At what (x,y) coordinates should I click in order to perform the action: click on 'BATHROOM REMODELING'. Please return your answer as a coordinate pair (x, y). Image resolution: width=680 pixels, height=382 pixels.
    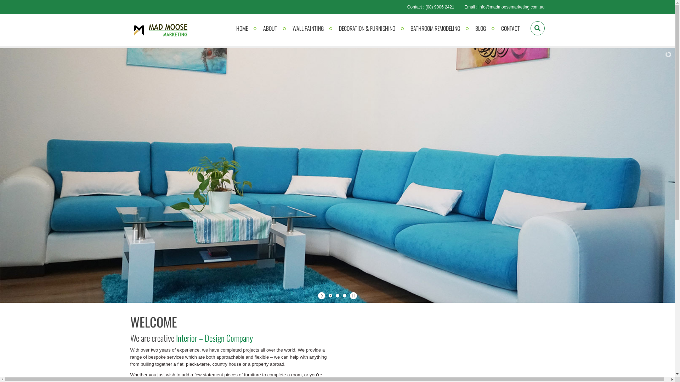
    Looking at the image, I should click on (435, 28).